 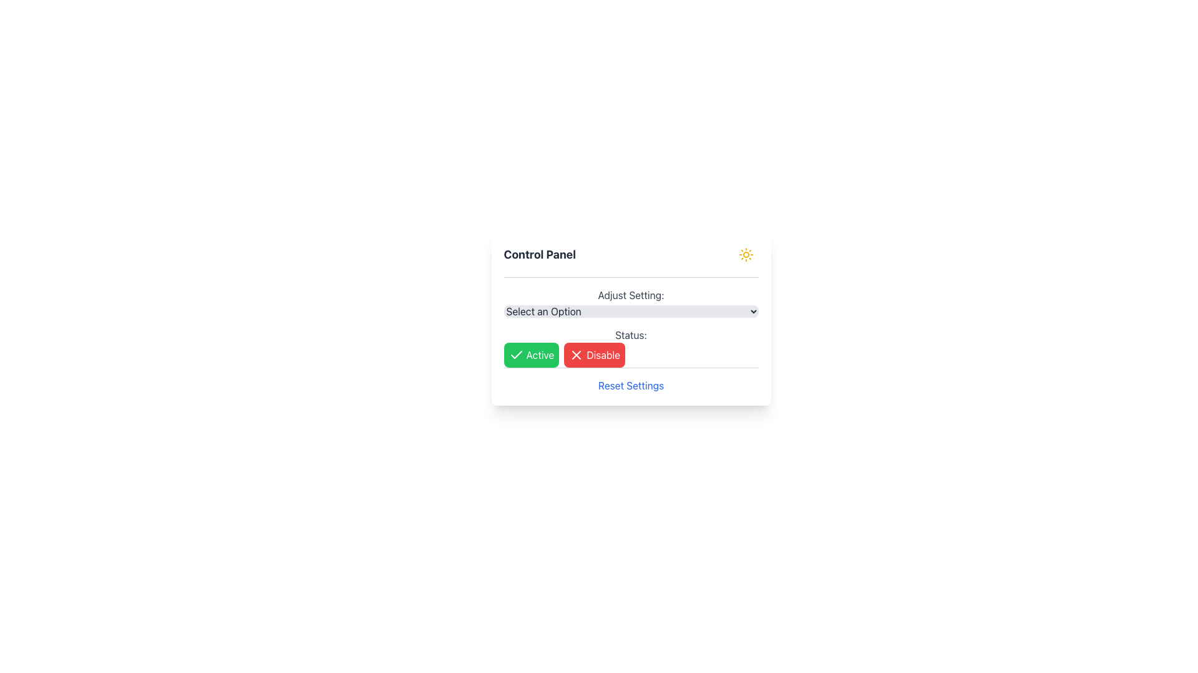 What do you see at coordinates (531, 355) in the screenshot?
I see `the green 'Active' button with white text and a checkmark icon located in the 'Control Panel' section` at bounding box center [531, 355].